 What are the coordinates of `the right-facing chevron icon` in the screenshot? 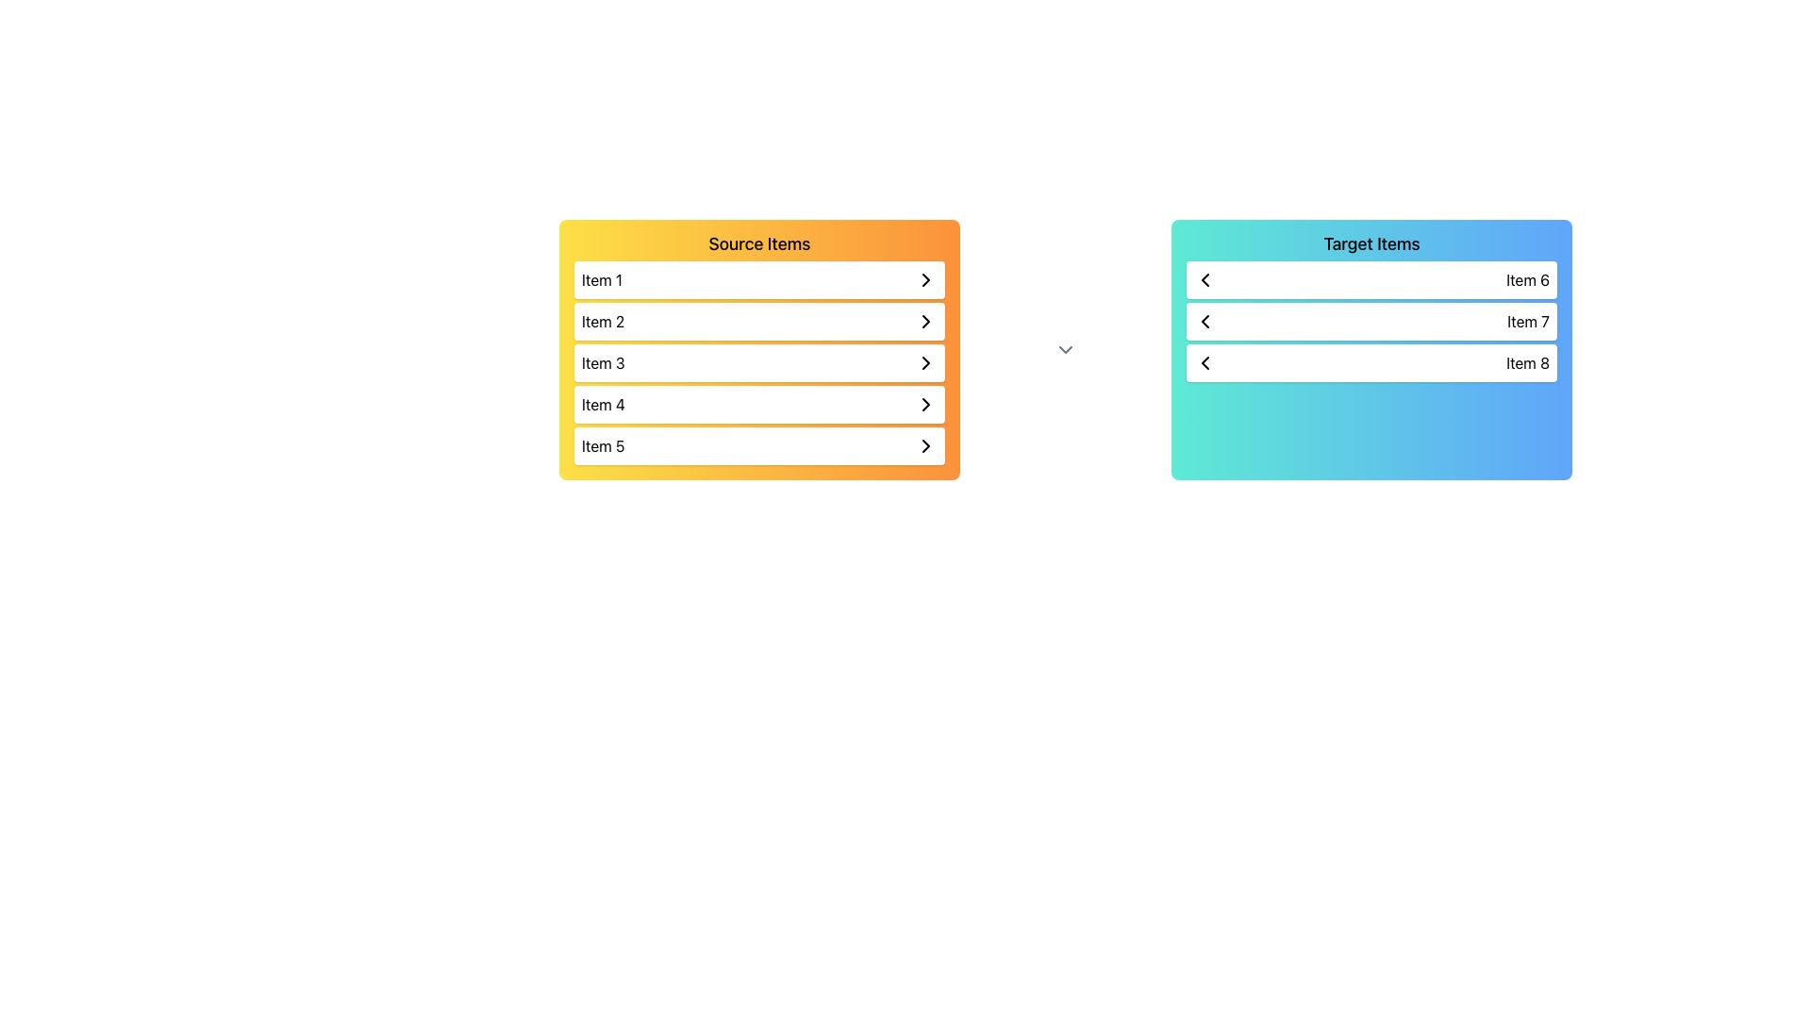 It's located at (925, 280).